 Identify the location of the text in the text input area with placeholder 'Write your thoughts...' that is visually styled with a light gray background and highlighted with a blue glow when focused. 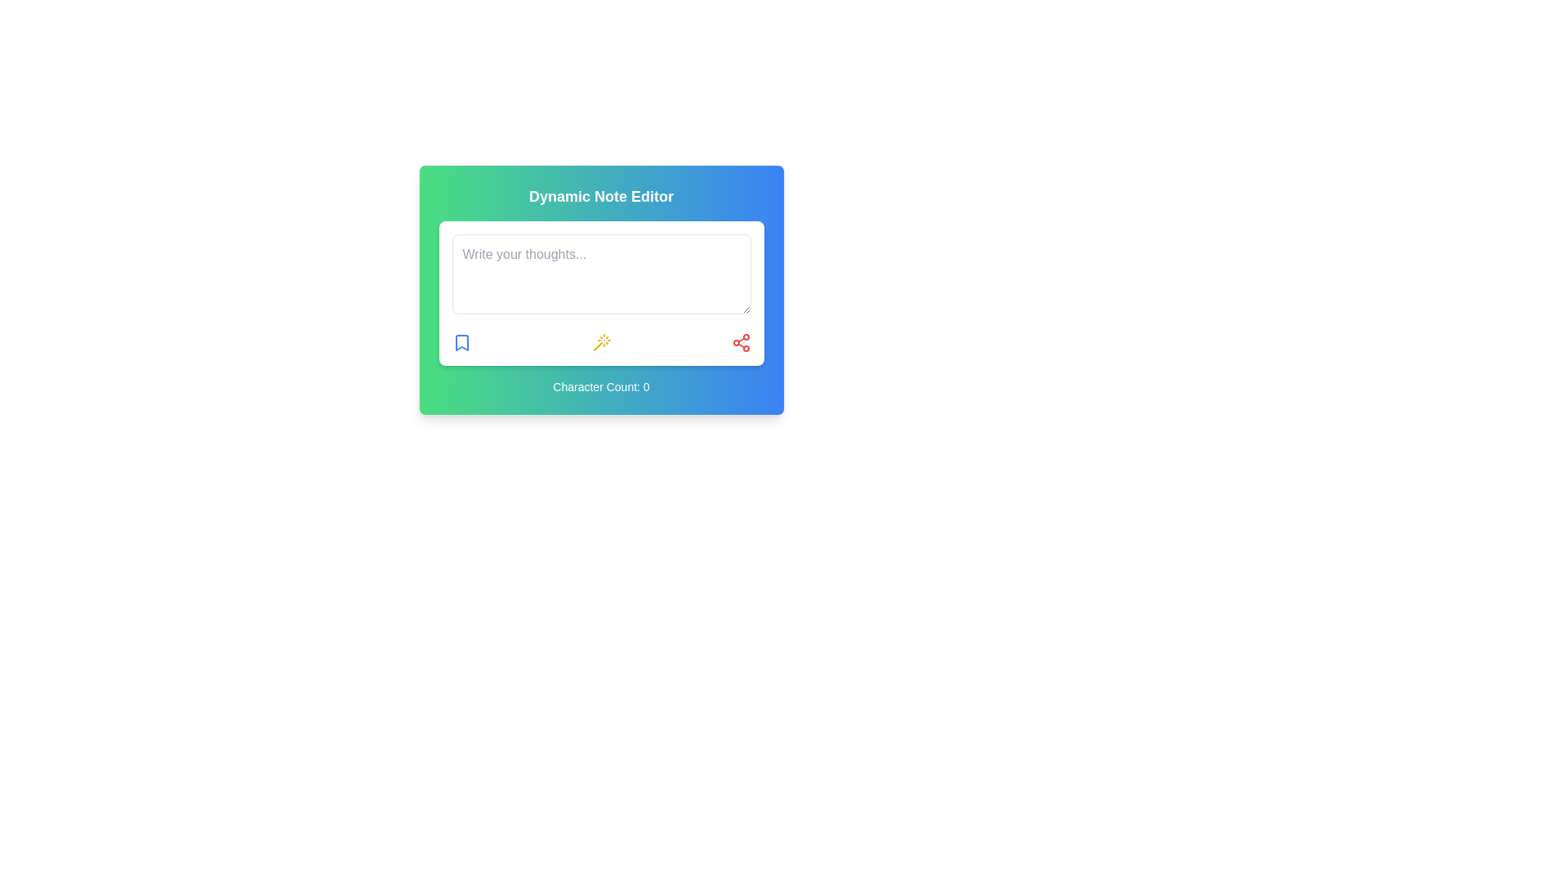
(600, 273).